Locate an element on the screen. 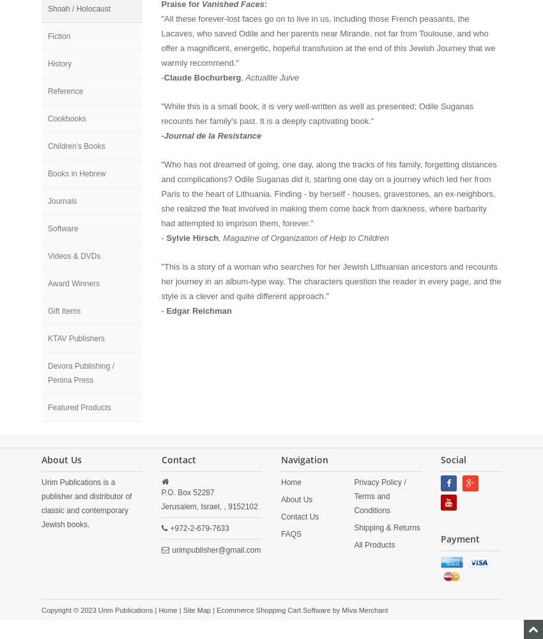 This screenshot has height=639, width=543. 'Shoah / Holocaust' is located at coordinates (79, 9).